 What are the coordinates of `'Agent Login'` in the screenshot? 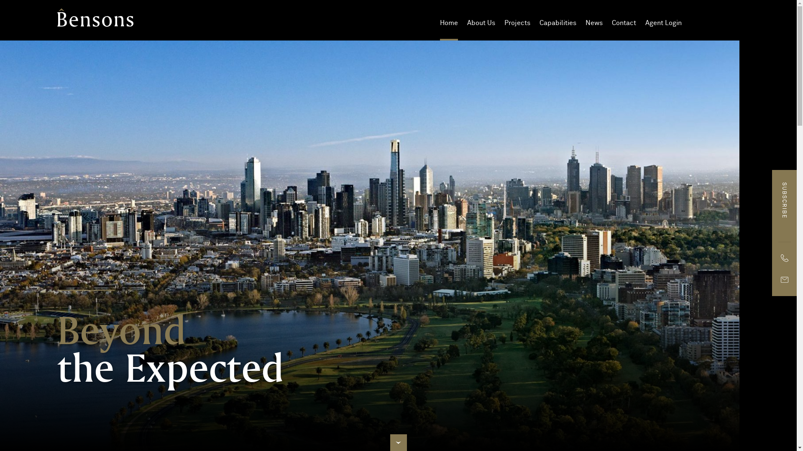 It's located at (644, 22).